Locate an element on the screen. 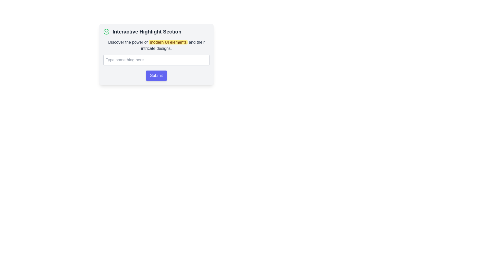  the static text that emphasizes the phrase 'modern UI elements' within the 'Interactive Highlight Section' to trigger a tooltip or emphasis effect is located at coordinates (156, 45).